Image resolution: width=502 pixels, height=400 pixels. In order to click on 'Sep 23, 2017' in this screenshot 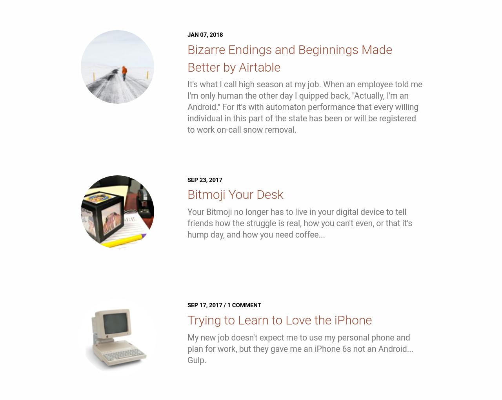, I will do `click(187, 179)`.